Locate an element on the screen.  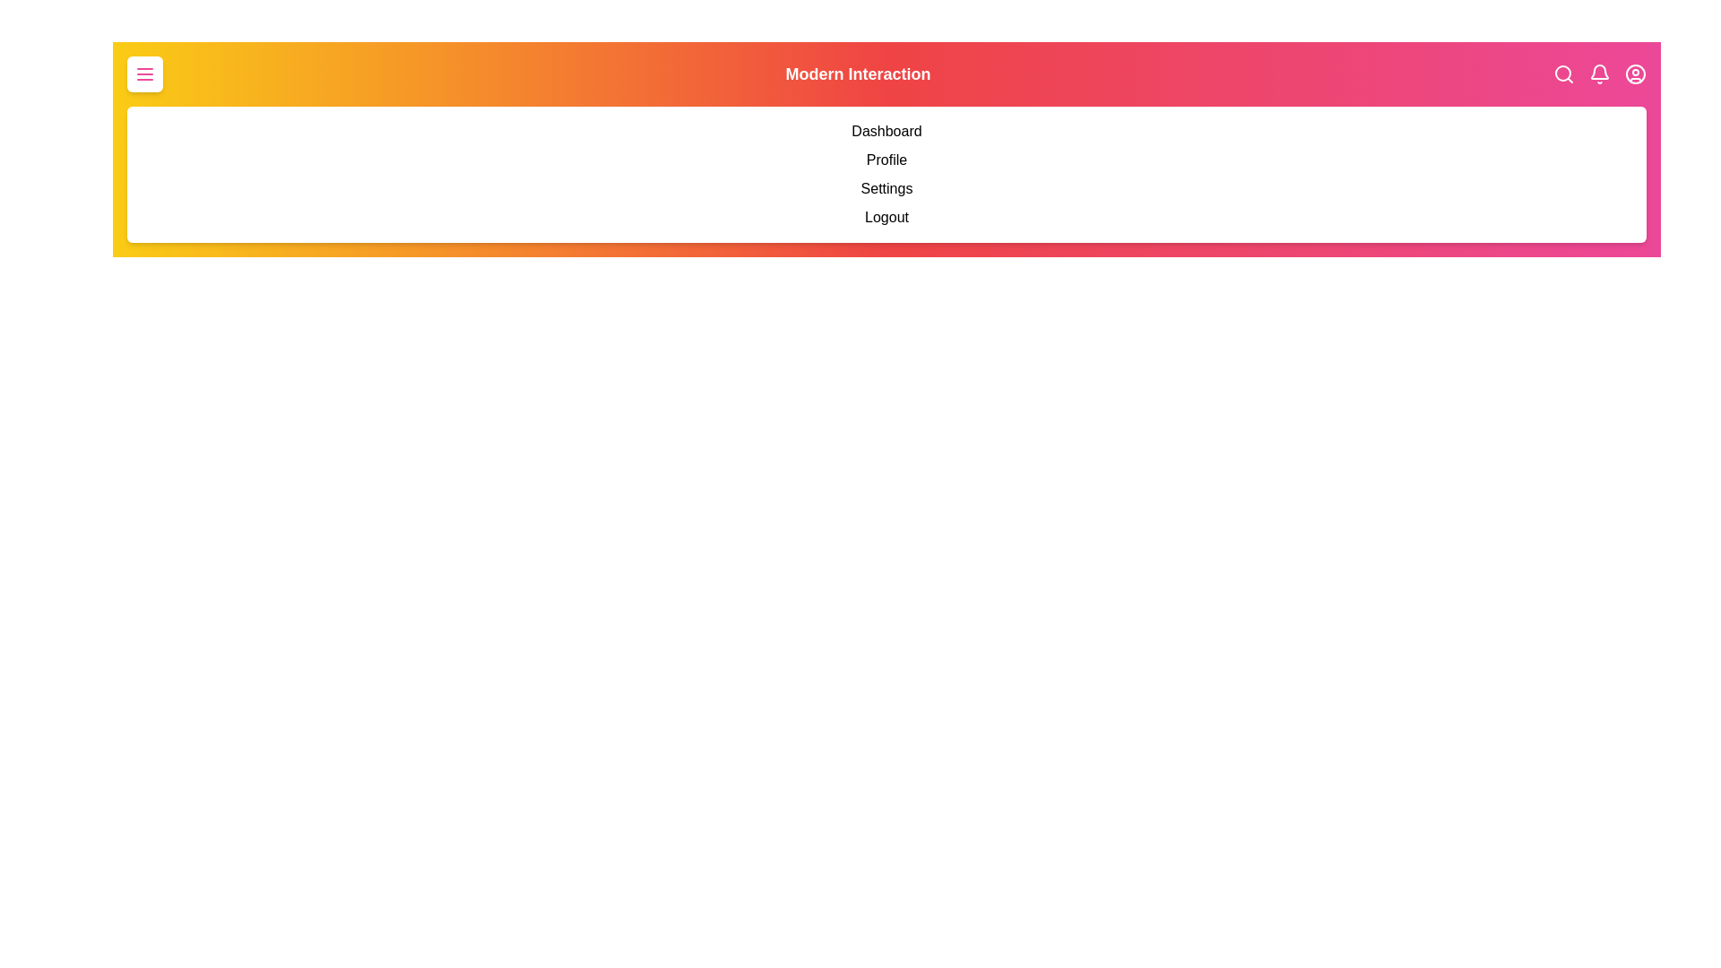
the user profile icon to open the user menu is located at coordinates (1635, 73).